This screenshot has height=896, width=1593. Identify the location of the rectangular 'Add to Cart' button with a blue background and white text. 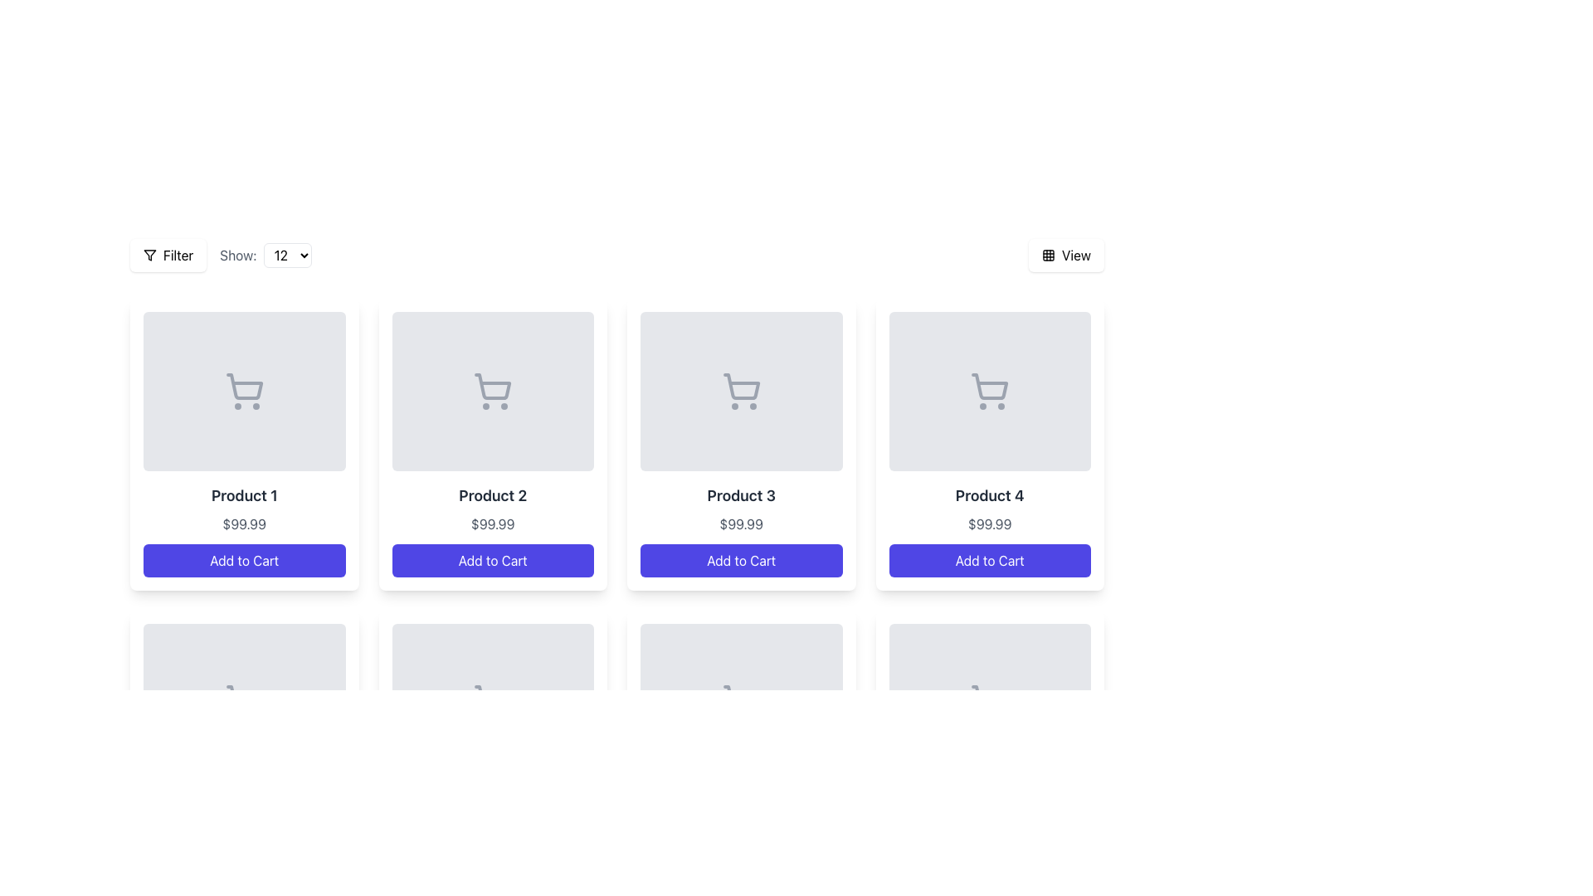
(990, 560).